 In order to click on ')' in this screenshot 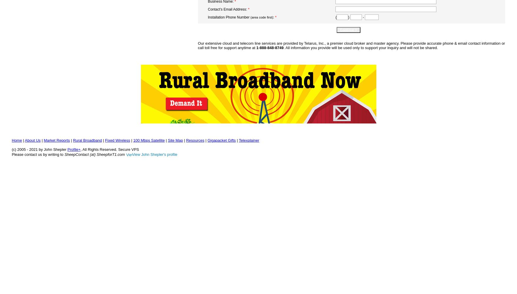, I will do `click(349, 17)`.